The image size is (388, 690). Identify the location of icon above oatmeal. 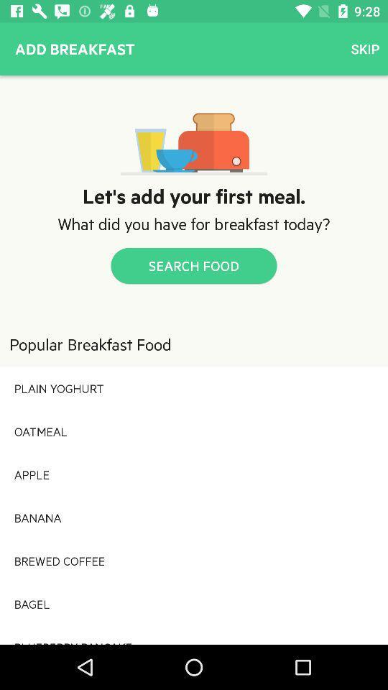
(194, 387).